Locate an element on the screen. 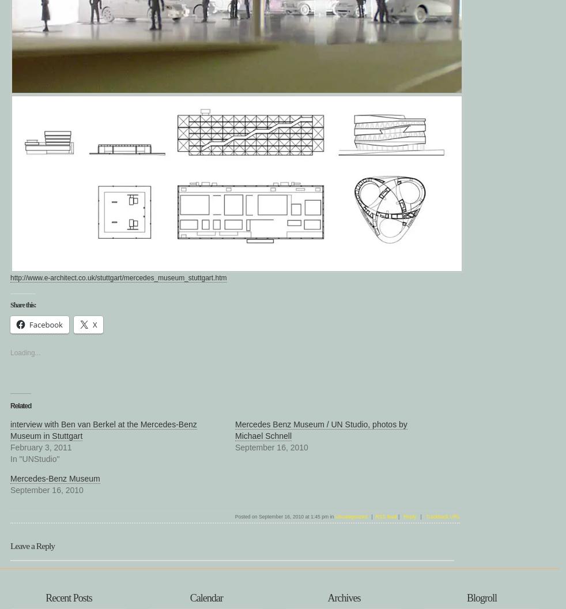 The height and width of the screenshot is (609, 566). 'Trackback URL' is located at coordinates (443, 516).